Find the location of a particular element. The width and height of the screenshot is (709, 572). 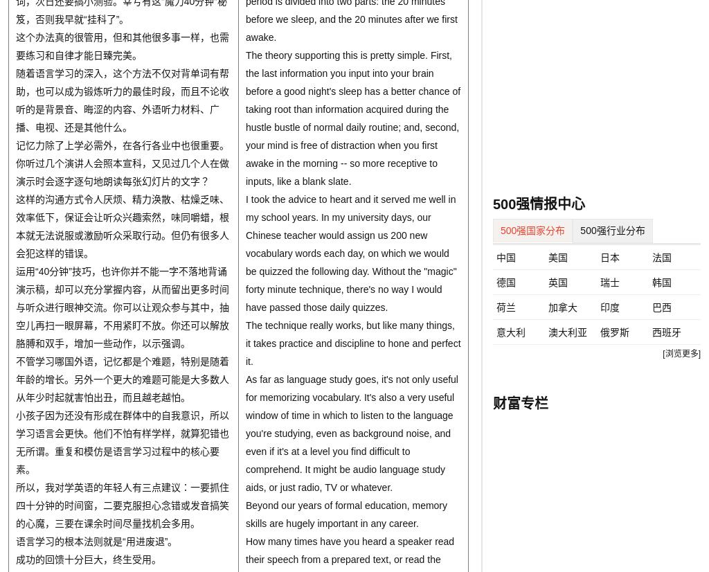

'As far as language study goes, it's not only useful for memorizing vocabulary. It's also a very useful window of time in which to listen to the language you're studying, even as background noise, and even if it's at a level you find difficult to comprehend. It might be audio language study aids, or just radio, TV or whatever.' is located at coordinates (351, 433).